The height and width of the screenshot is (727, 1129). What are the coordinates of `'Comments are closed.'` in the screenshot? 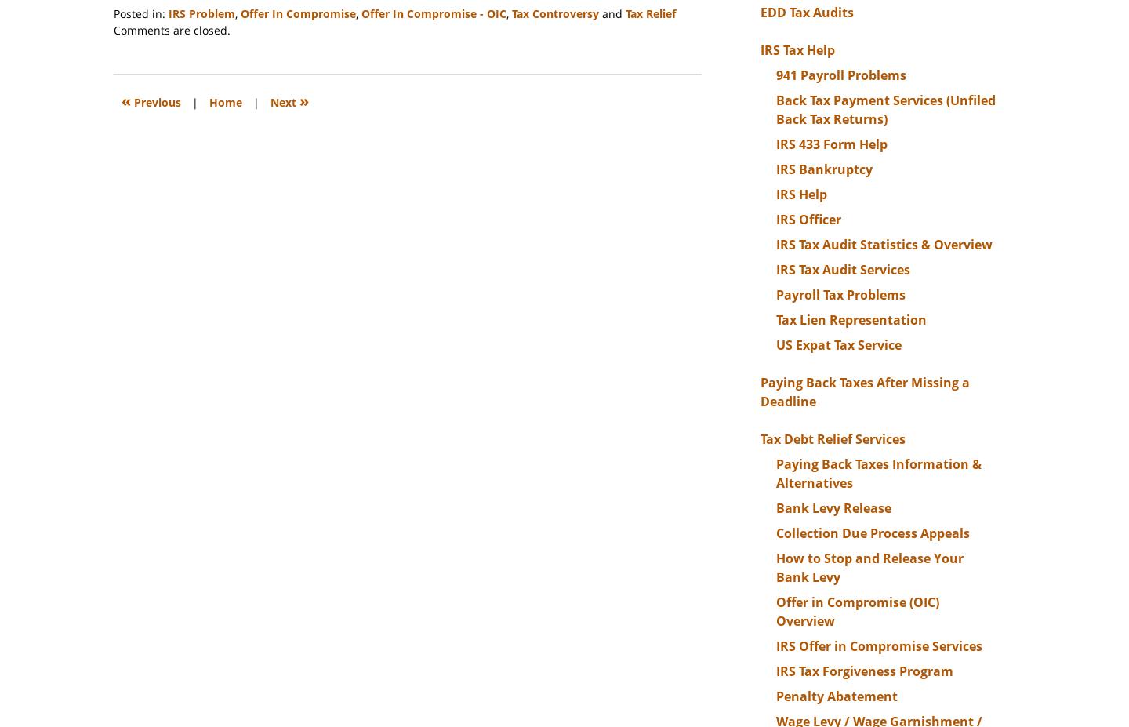 It's located at (172, 29).